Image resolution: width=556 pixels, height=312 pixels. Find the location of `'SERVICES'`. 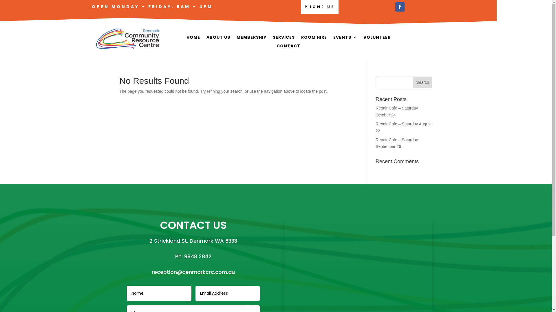

'SERVICES' is located at coordinates (272, 38).